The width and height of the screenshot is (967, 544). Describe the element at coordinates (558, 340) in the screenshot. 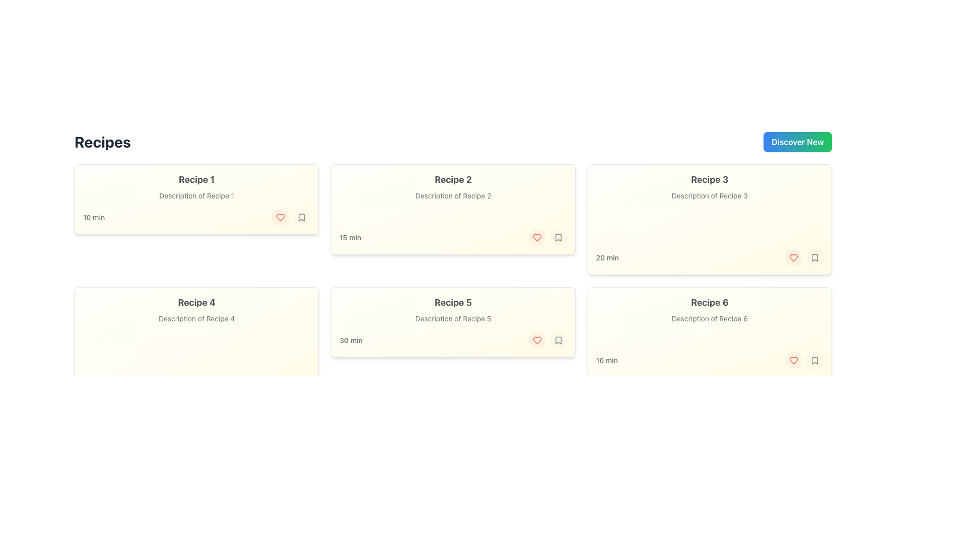

I see `the bookmark-shaped icon located in the bottom-right corner of the 'Recipe 5' card, positioned to the right of the heart-shaped icon` at that location.